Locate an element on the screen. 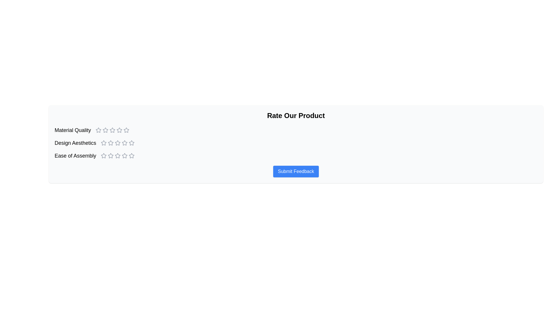  the first rating star for 'Material Quality' located to the right of the label is located at coordinates (99, 130).